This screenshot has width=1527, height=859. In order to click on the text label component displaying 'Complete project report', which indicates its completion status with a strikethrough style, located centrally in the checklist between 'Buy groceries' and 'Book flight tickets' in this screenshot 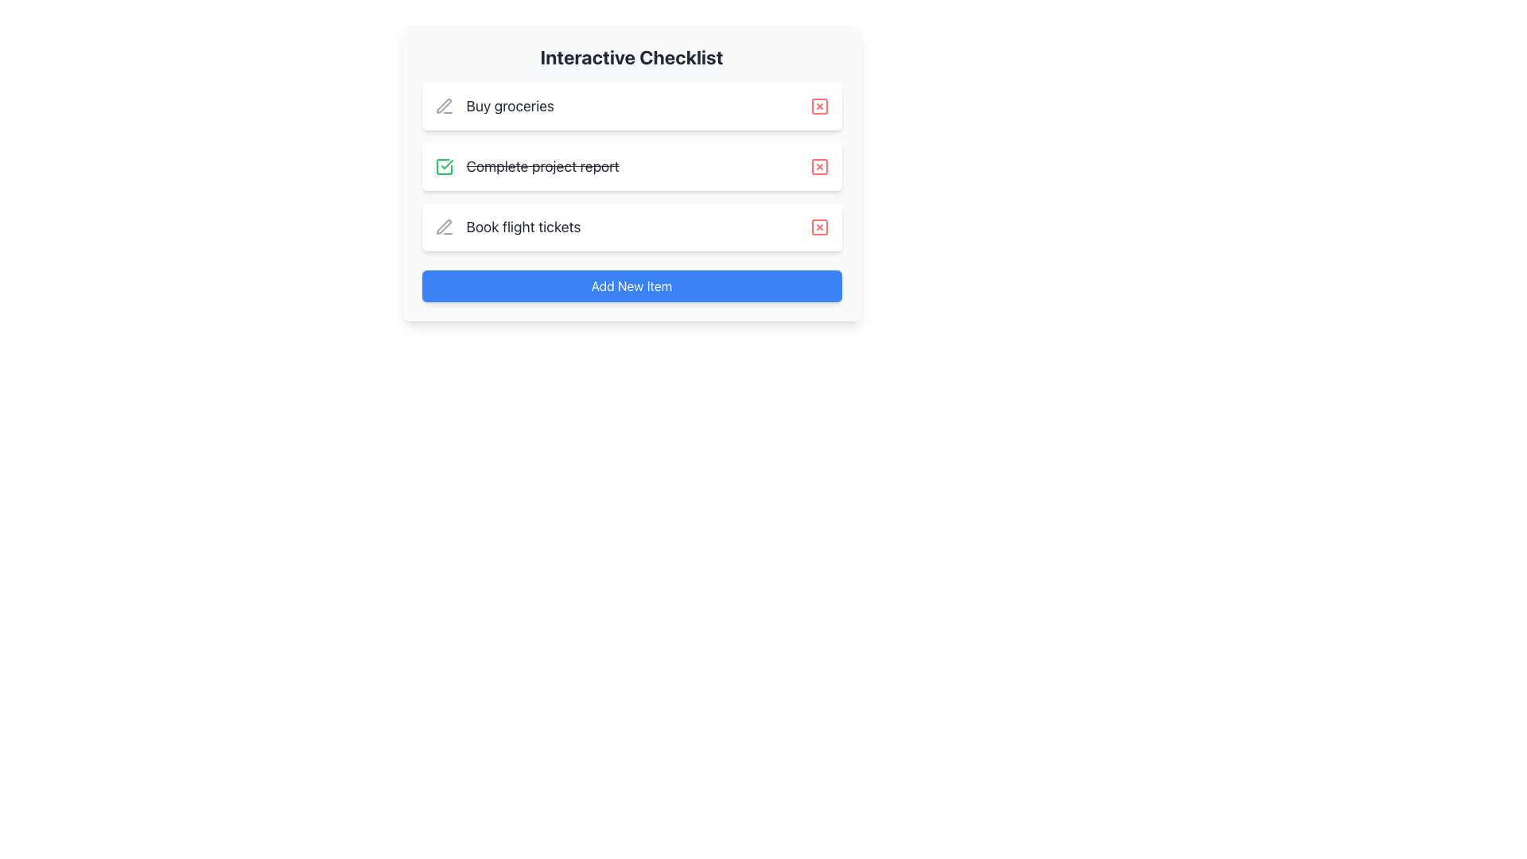, I will do `click(526, 166)`.